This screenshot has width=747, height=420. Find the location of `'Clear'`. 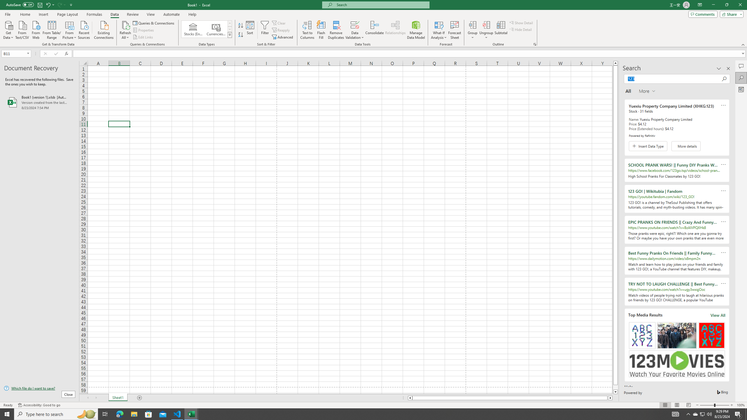

'Clear' is located at coordinates (279, 23).